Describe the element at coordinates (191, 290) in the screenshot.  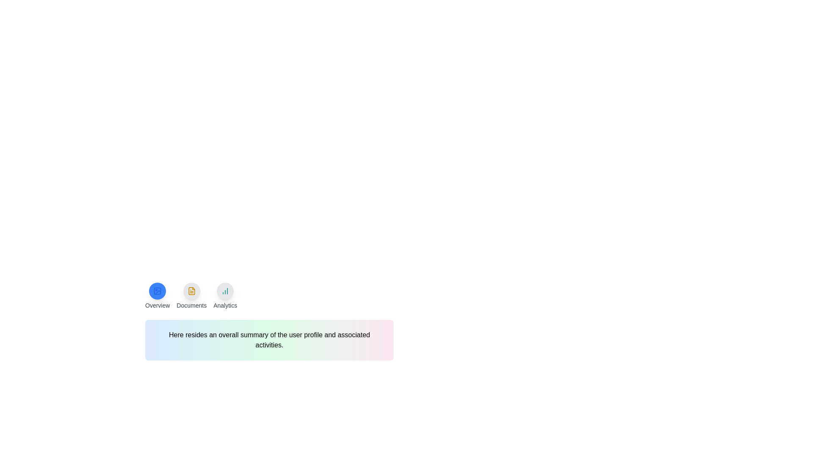
I see `the circular icon button with a gray background and a yellow document pictograph` at that location.